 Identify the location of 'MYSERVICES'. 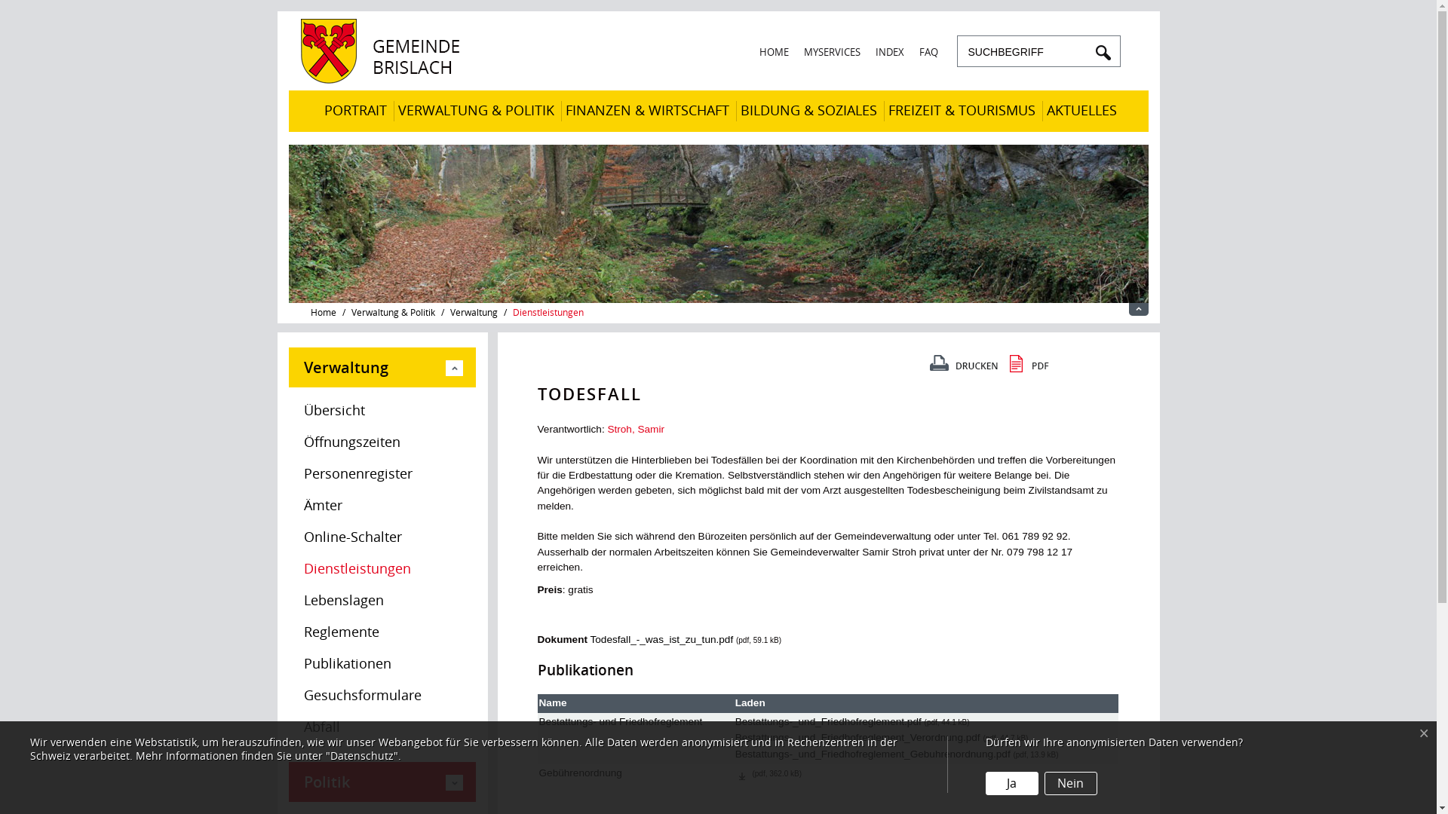
(831, 51).